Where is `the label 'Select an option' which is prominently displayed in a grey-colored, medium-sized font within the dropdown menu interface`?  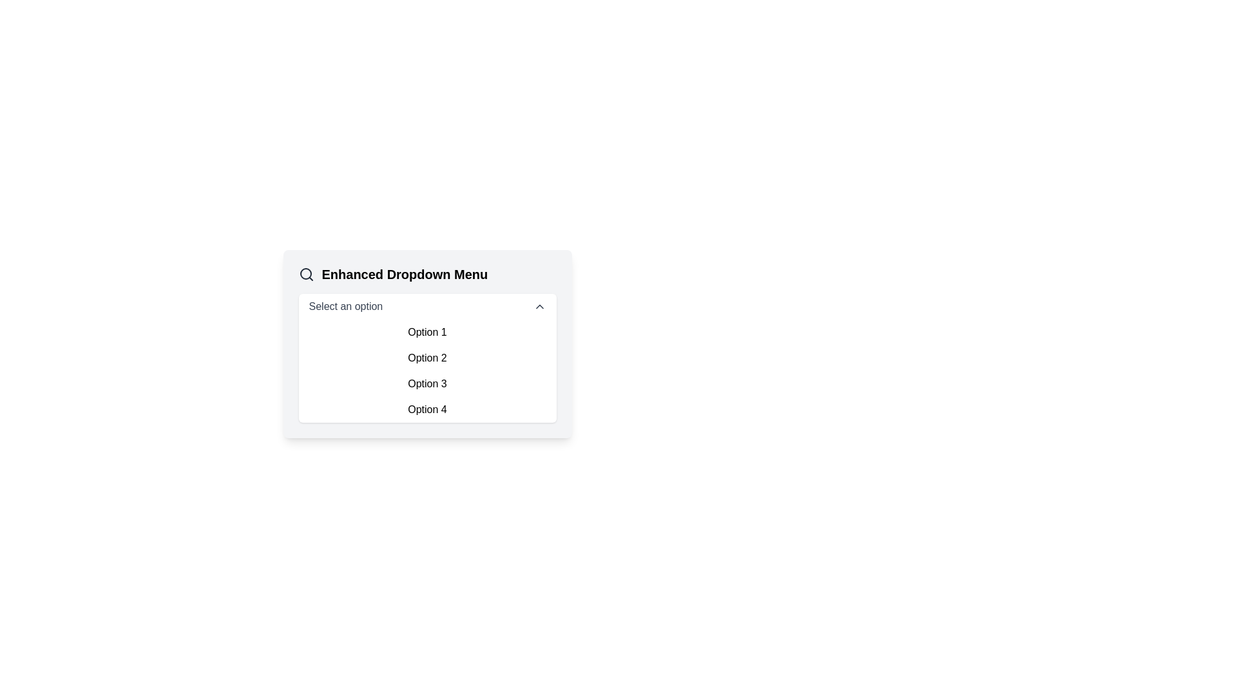 the label 'Select an option' which is prominently displayed in a grey-colored, medium-sized font within the dropdown menu interface is located at coordinates (345, 306).